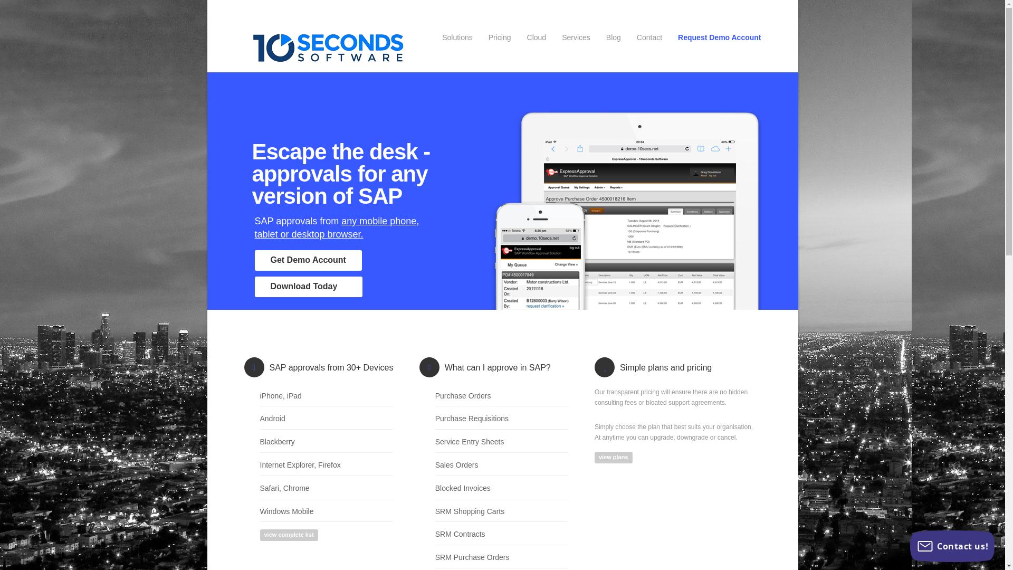 The image size is (1013, 570). Describe the element at coordinates (499, 39) in the screenshot. I see `'Pricing'` at that location.